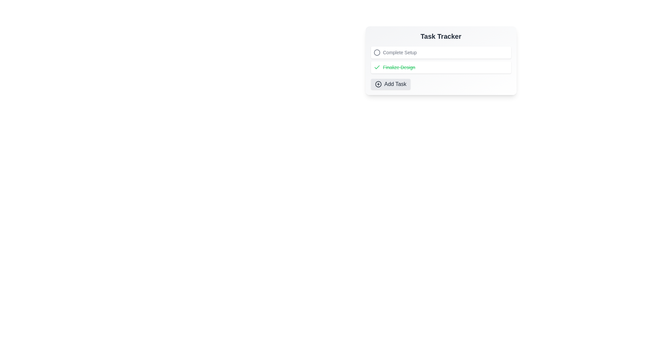  What do you see at coordinates (441, 36) in the screenshot?
I see `the title of the Task Tracker component` at bounding box center [441, 36].